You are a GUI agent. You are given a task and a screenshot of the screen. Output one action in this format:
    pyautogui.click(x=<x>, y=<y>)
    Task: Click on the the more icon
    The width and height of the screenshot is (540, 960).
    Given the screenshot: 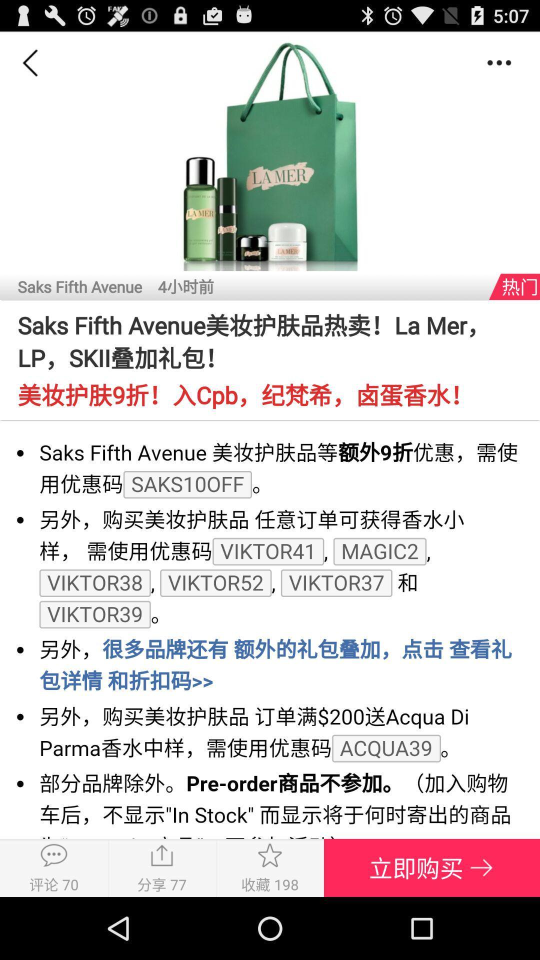 What is the action you would take?
    pyautogui.click(x=499, y=66)
    